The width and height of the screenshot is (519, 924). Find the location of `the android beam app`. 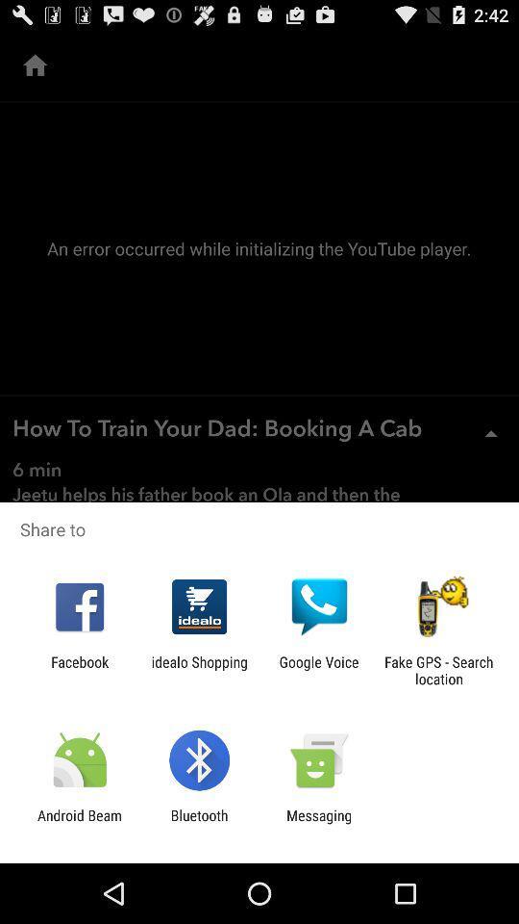

the android beam app is located at coordinates (79, 823).